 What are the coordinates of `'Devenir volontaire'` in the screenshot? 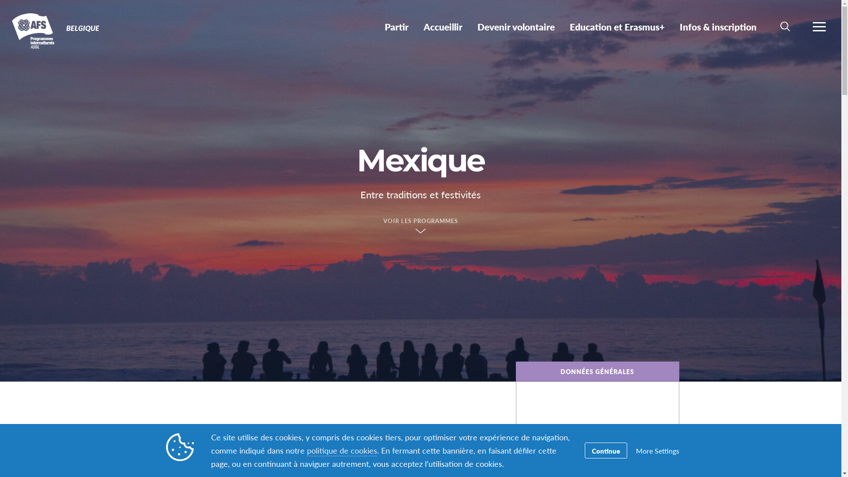 It's located at (516, 26).